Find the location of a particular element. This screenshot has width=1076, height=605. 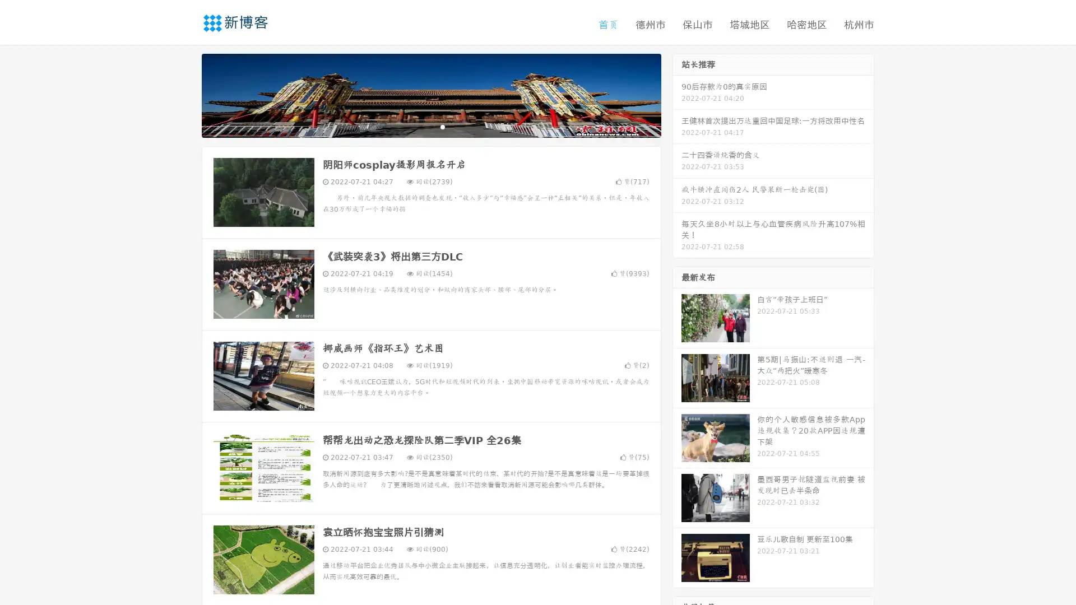

Go to slide 1 is located at coordinates (419, 126).